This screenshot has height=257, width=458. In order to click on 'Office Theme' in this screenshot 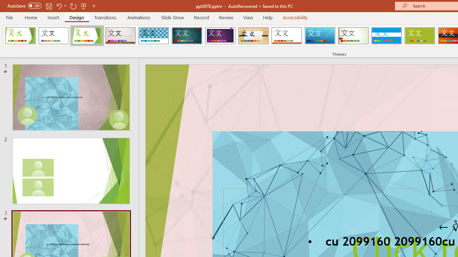, I will do `click(53, 36)`.